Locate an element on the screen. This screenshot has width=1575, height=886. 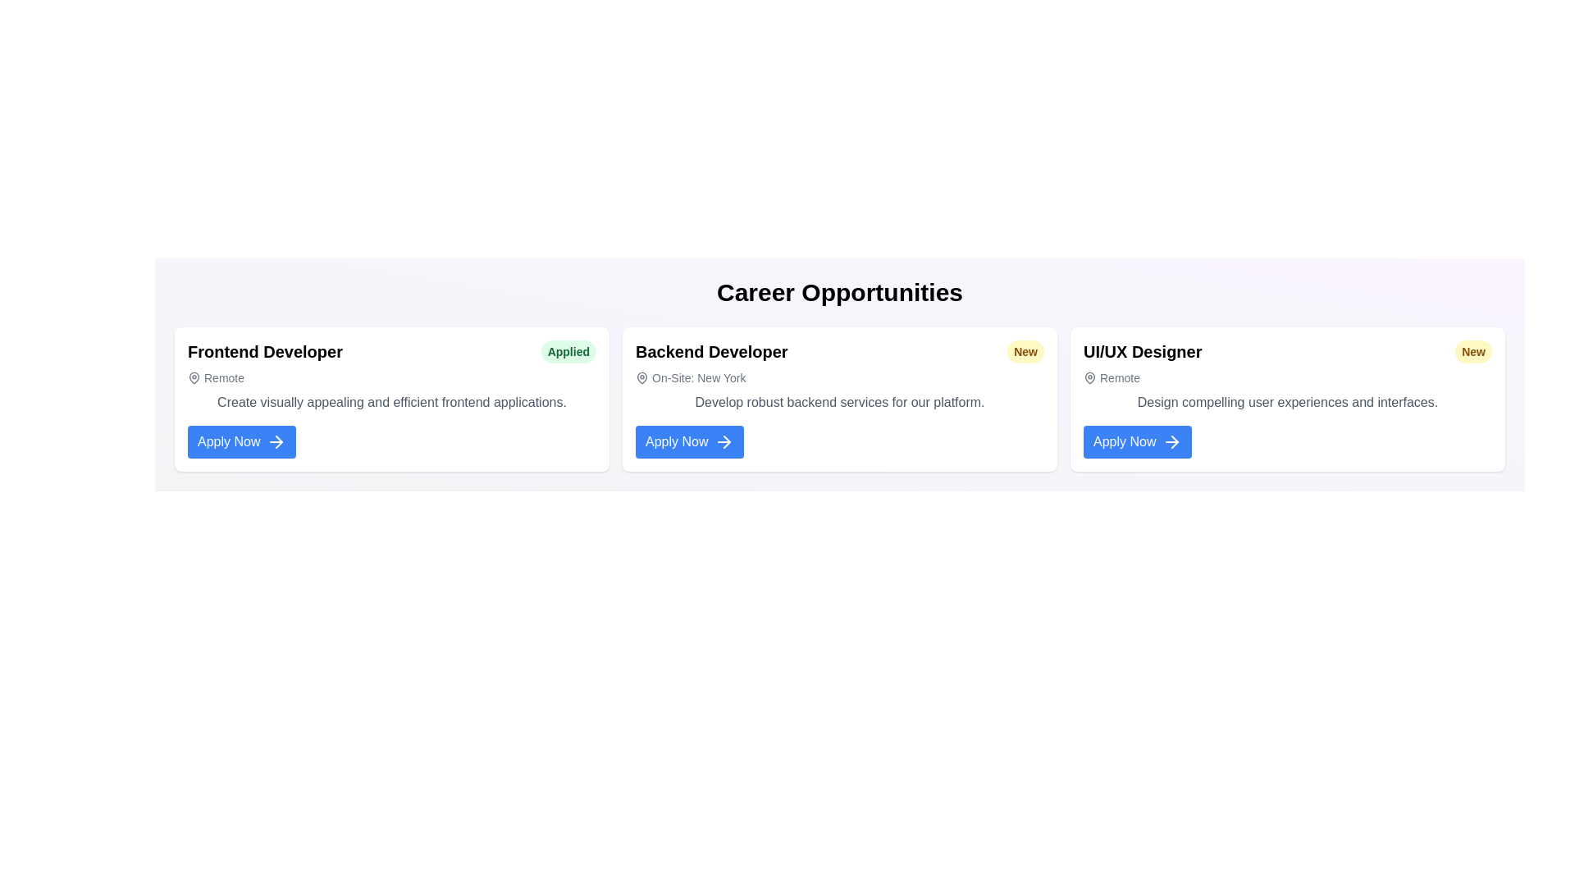
the 'New' badge element, which is a rectangular badge with a yellow background and bold brown text, located at the top-right corner of the 'Backend Developer' card is located at coordinates (1025, 350).